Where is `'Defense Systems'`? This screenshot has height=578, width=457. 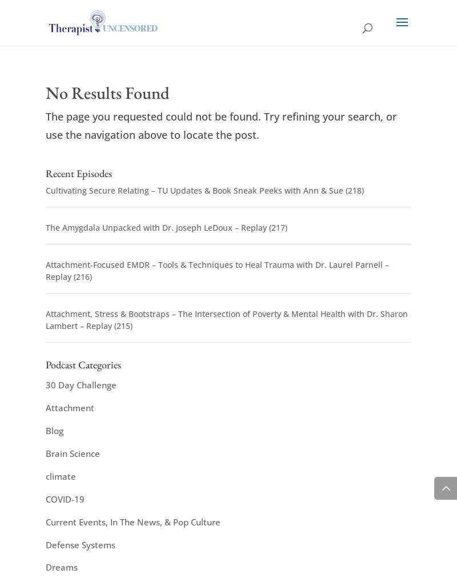
'Defense Systems' is located at coordinates (81, 544).